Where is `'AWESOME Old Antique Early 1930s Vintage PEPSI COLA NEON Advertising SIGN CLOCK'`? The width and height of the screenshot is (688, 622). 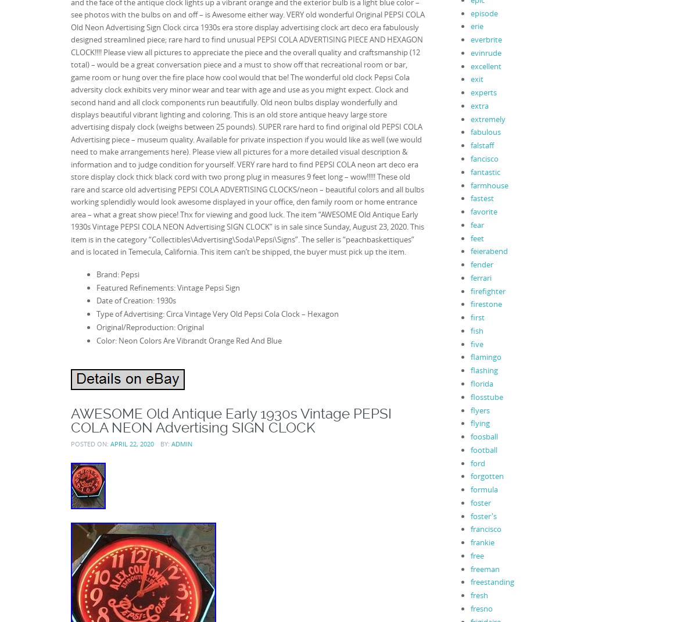
'AWESOME Old Antique Early 1930s Vintage PEPSI COLA NEON Advertising SIGN CLOCK' is located at coordinates (70, 420).